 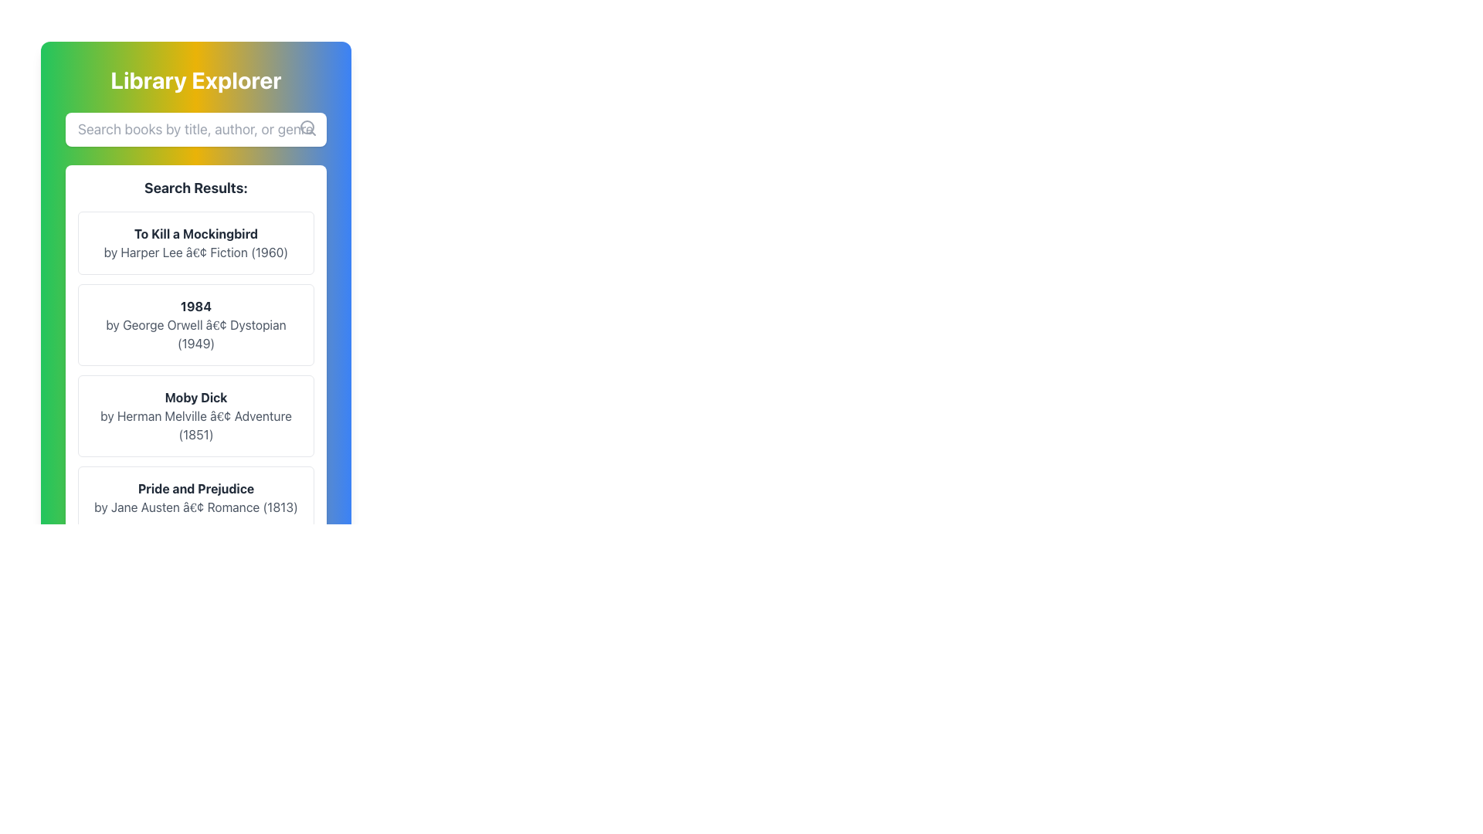 I want to click on the descriptive text block displaying information about the book 'Pride and Prejudice', located as the fourth item in a vertical list of book entries, so click(x=195, y=497).